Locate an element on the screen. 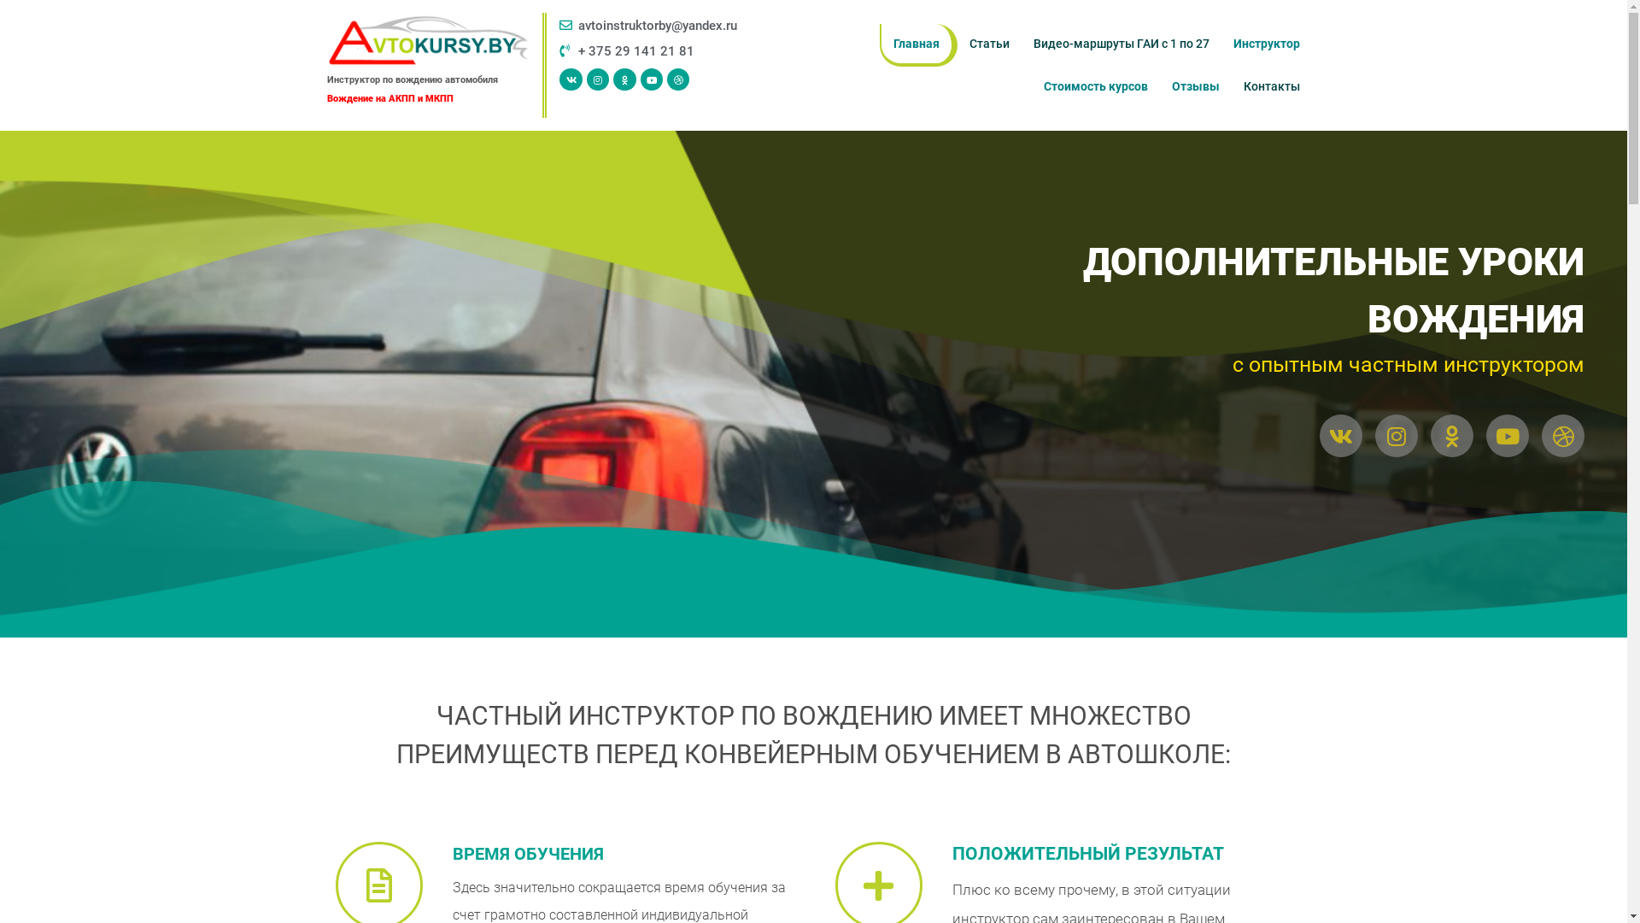 The height and width of the screenshot is (923, 1640). 'avtoinstruktorby@yandex.ru' is located at coordinates (658, 26).